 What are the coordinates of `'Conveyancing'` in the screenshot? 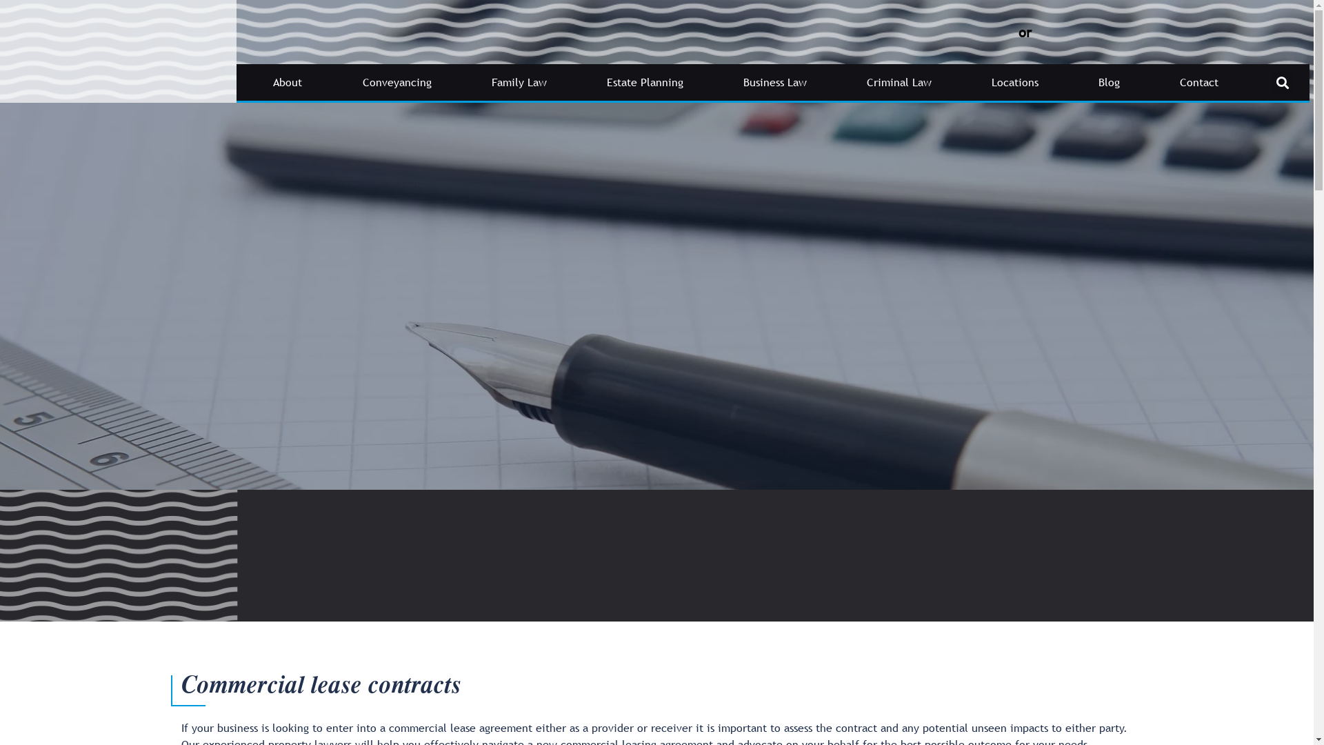 It's located at (396, 82).